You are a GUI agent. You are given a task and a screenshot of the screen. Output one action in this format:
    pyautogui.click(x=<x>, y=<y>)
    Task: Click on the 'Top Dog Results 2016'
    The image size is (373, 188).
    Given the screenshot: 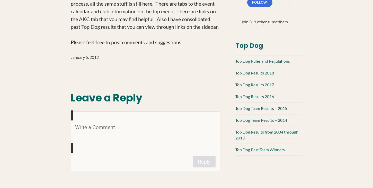 What is the action you would take?
    pyautogui.click(x=254, y=96)
    